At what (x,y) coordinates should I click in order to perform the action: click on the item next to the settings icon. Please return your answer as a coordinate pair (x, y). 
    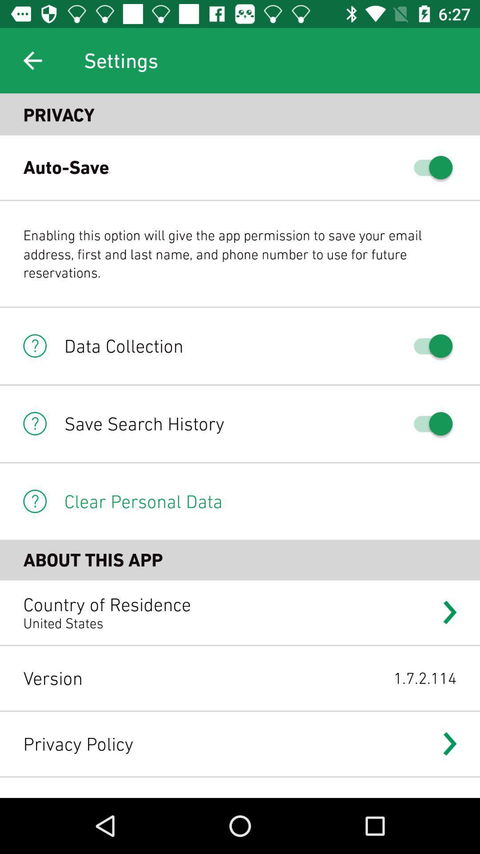
    Looking at the image, I should click on (32, 60).